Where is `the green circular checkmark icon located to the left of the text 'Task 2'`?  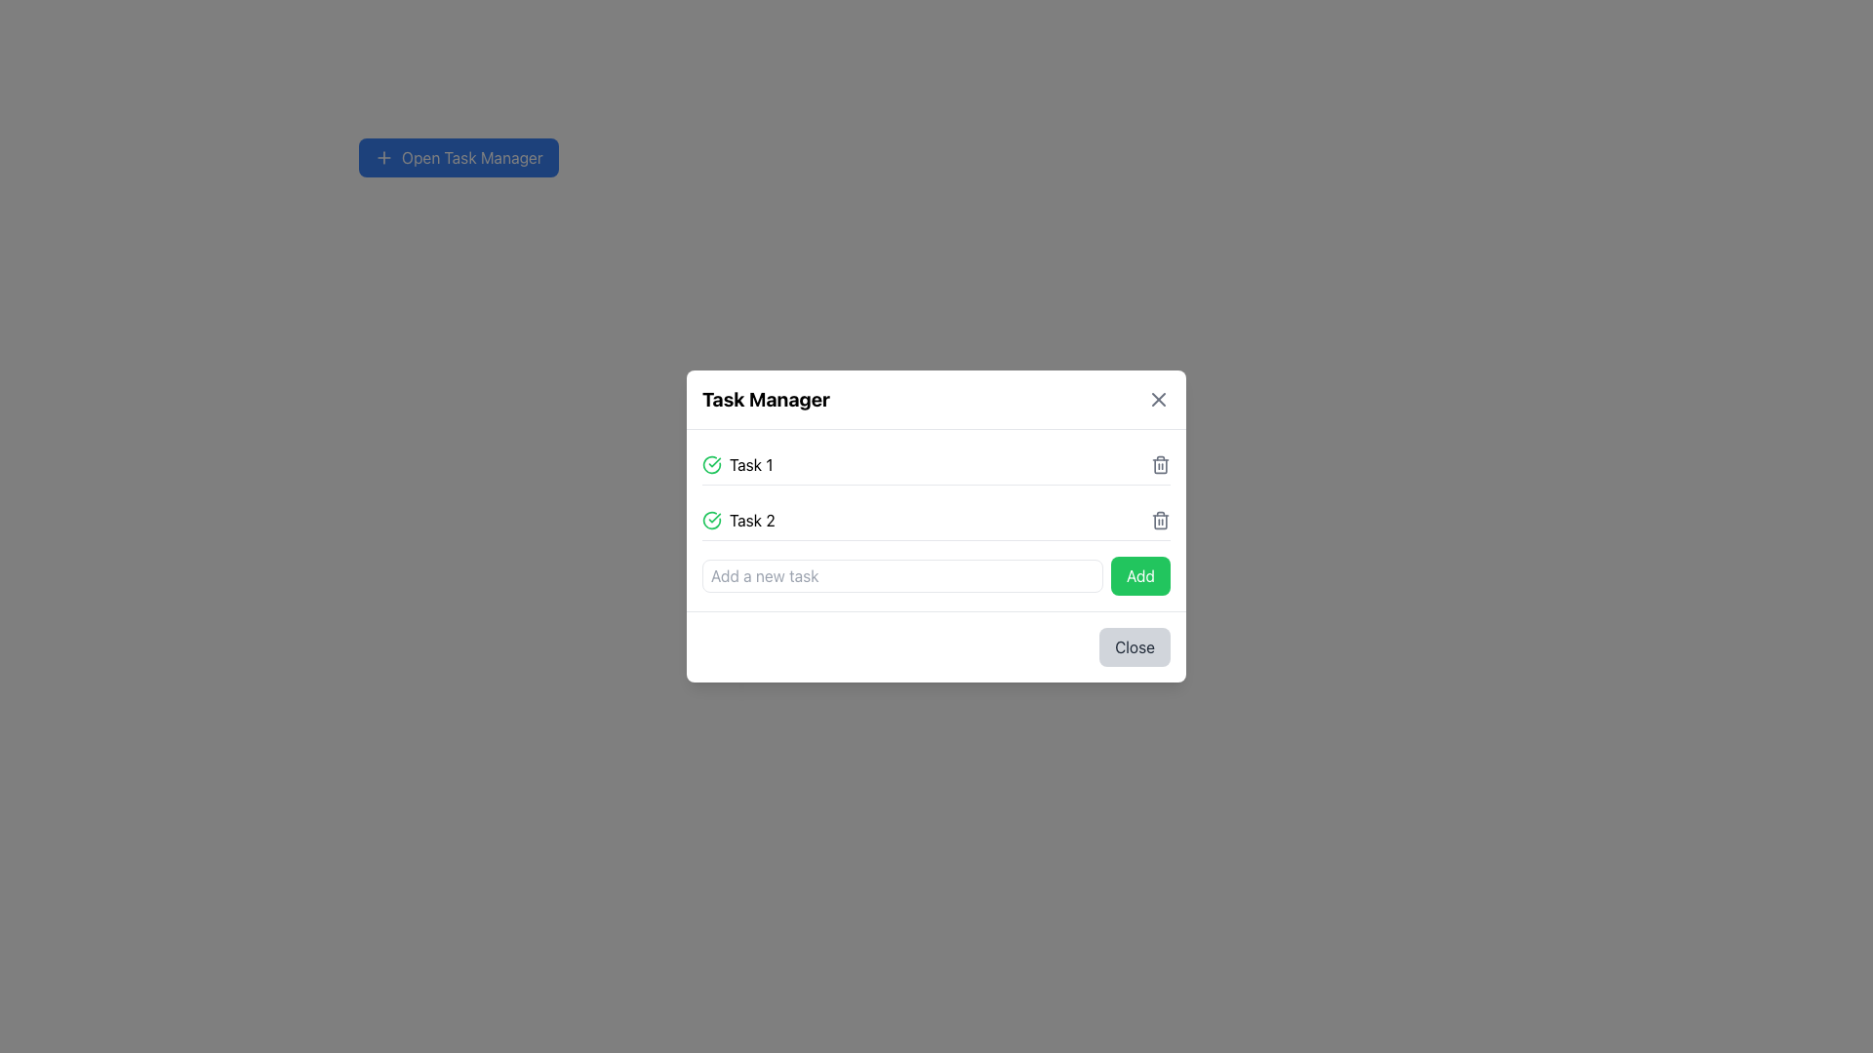 the green circular checkmark icon located to the left of the text 'Task 2' is located at coordinates (710, 519).